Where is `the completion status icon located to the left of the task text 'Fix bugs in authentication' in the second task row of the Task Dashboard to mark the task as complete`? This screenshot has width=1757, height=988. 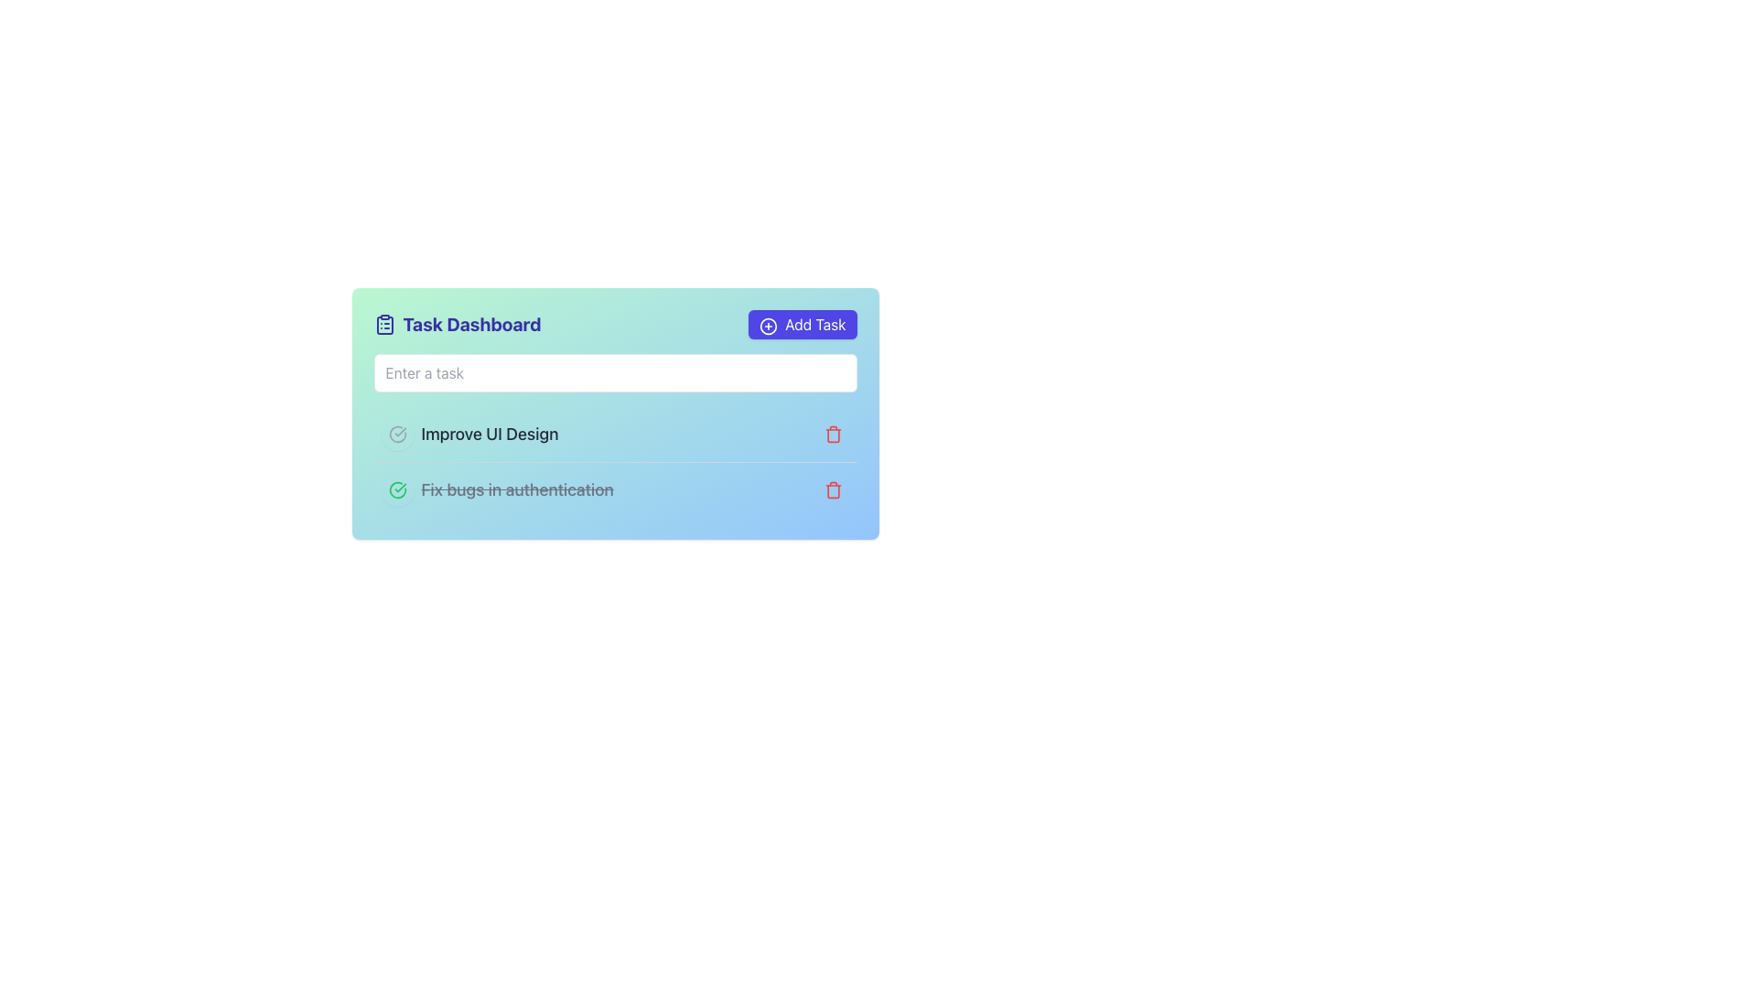
the completion status icon located to the left of the task text 'Fix bugs in authentication' in the second task row of the Task Dashboard to mark the task as complete is located at coordinates (396, 489).